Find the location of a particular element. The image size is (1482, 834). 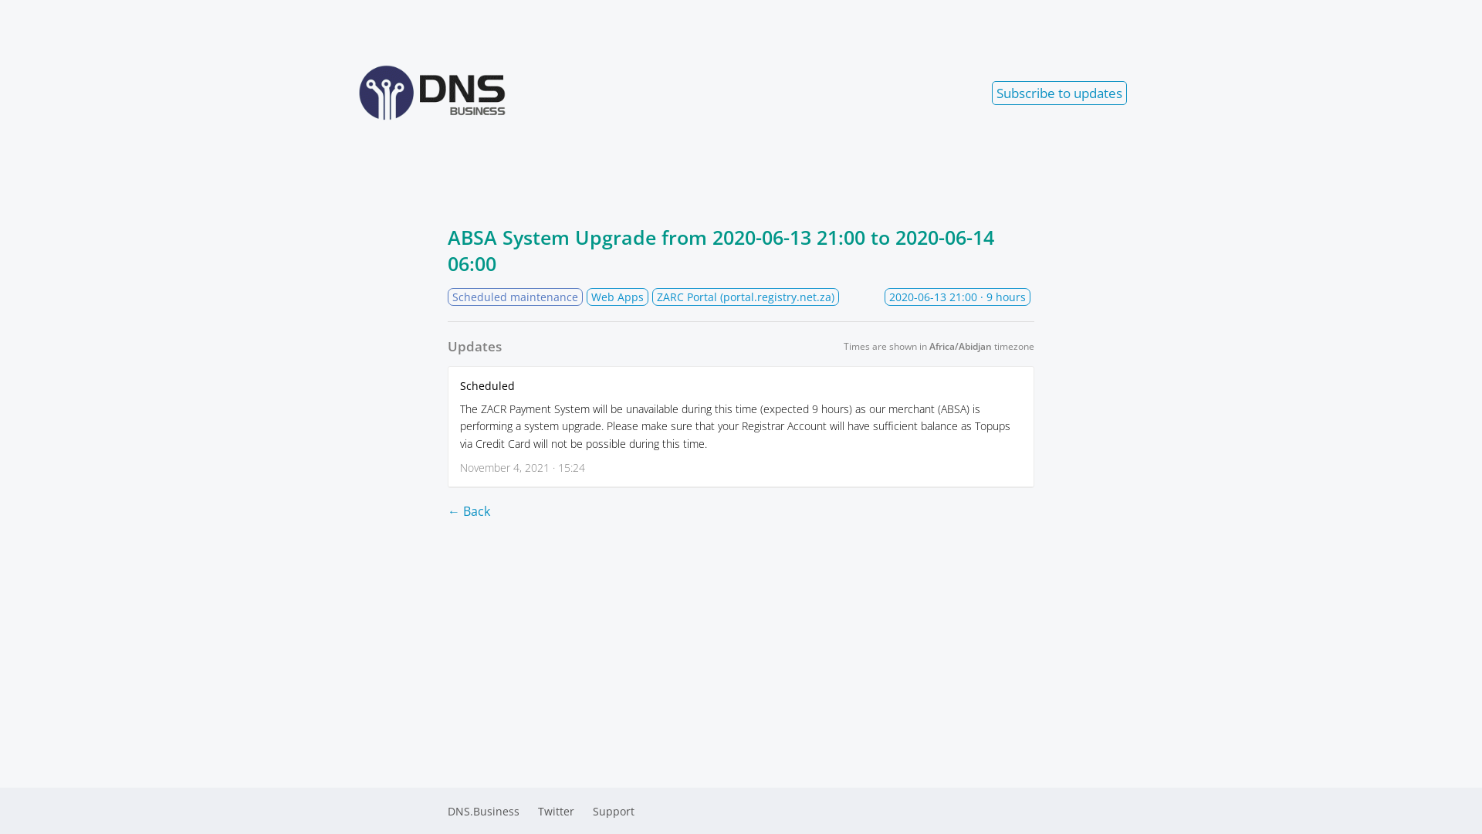

'Twitter' is located at coordinates (556, 809).